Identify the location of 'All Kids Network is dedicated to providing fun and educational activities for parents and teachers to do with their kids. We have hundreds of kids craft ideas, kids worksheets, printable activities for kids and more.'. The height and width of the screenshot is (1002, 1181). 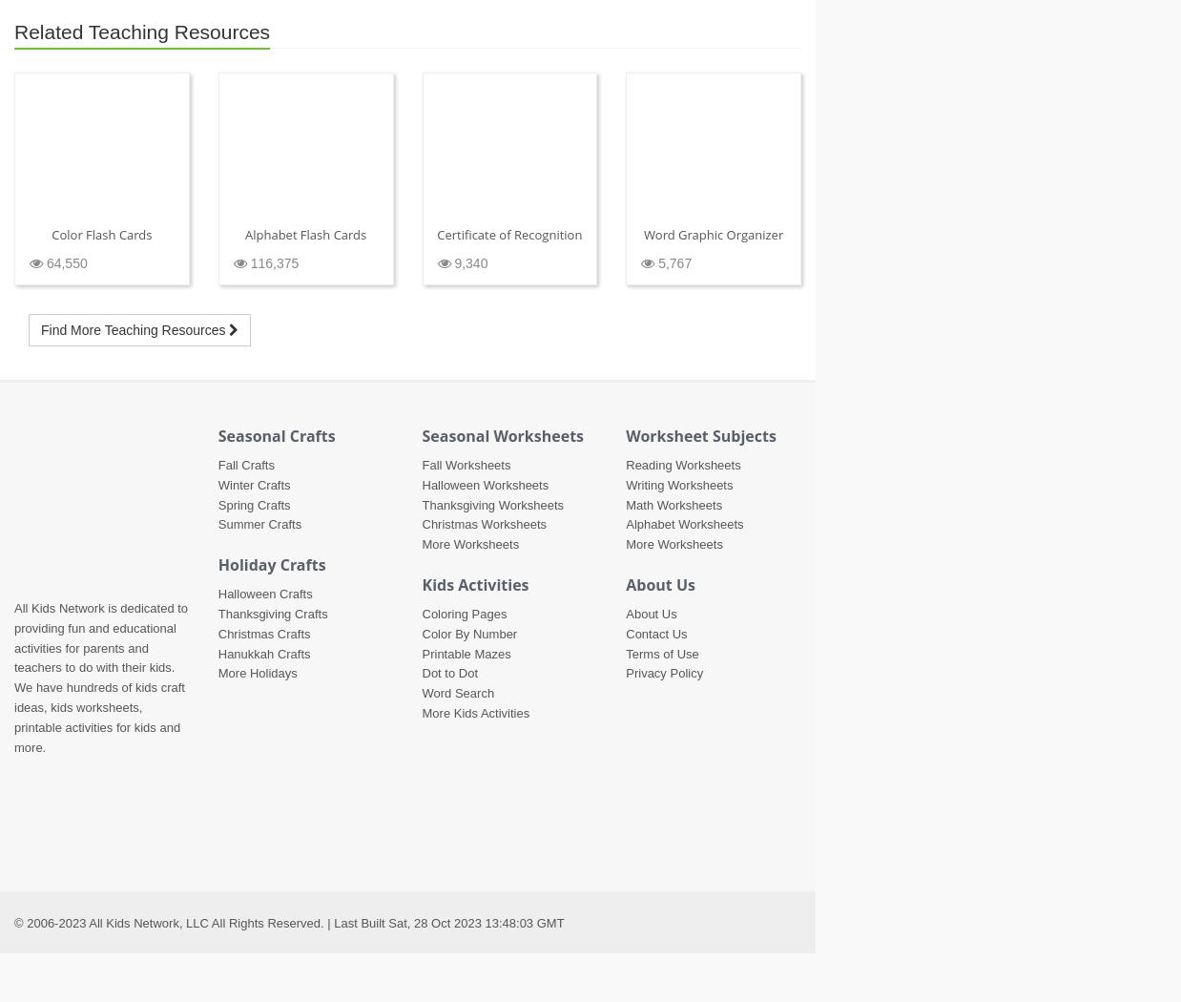
(12, 678).